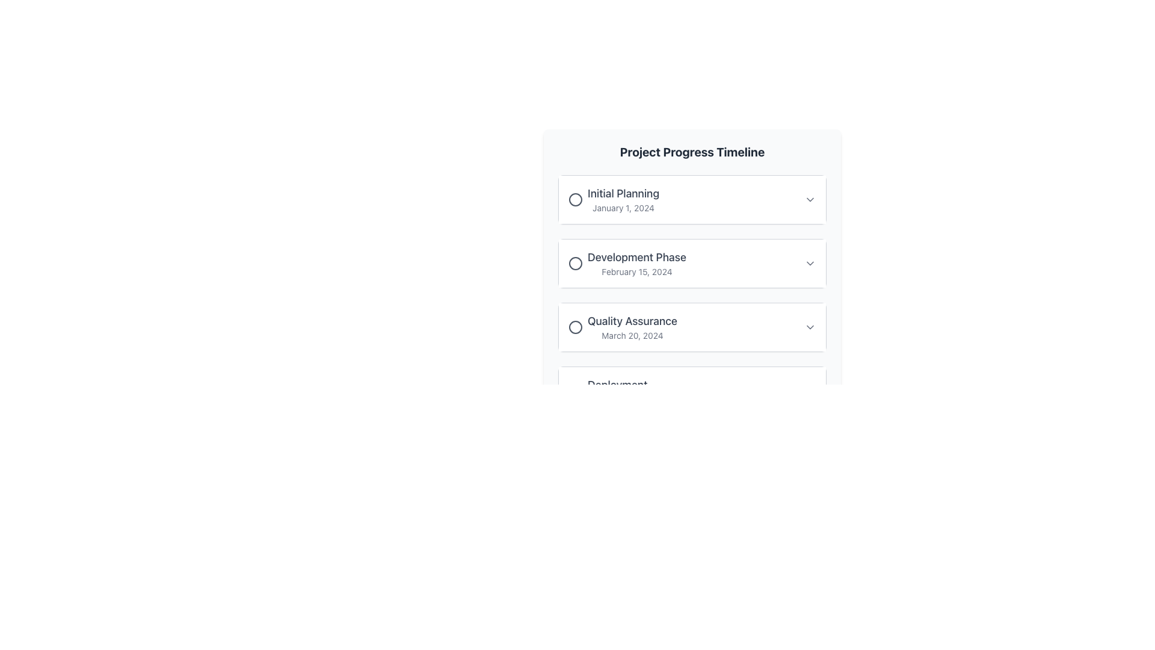 This screenshot has width=1155, height=650. I want to click on the text label displaying 'Development Phase', so click(636, 257).